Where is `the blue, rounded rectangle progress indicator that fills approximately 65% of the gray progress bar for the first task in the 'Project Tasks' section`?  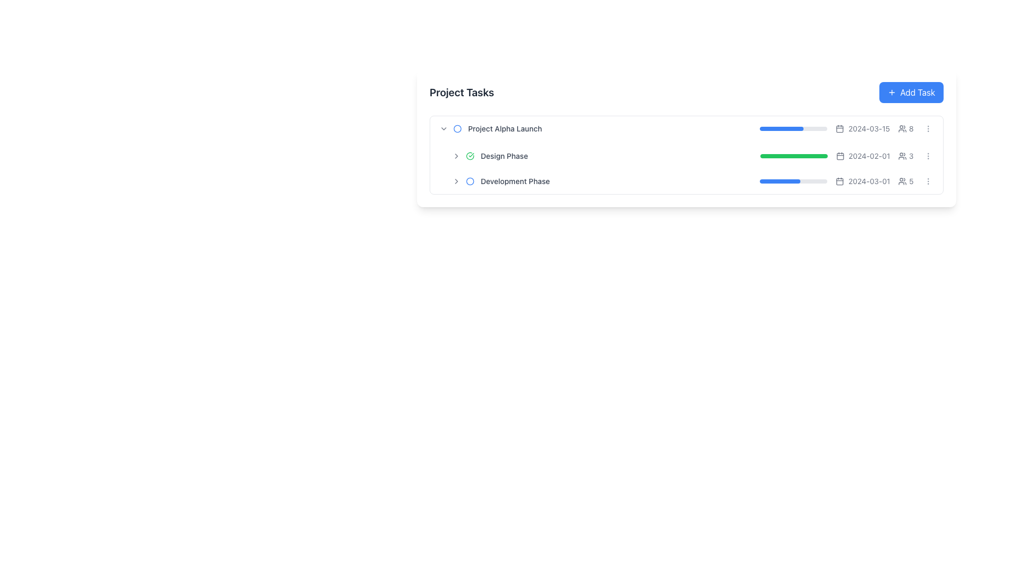
the blue, rounded rectangle progress indicator that fills approximately 65% of the gray progress bar for the first task in the 'Project Tasks' section is located at coordinates (781, 128).